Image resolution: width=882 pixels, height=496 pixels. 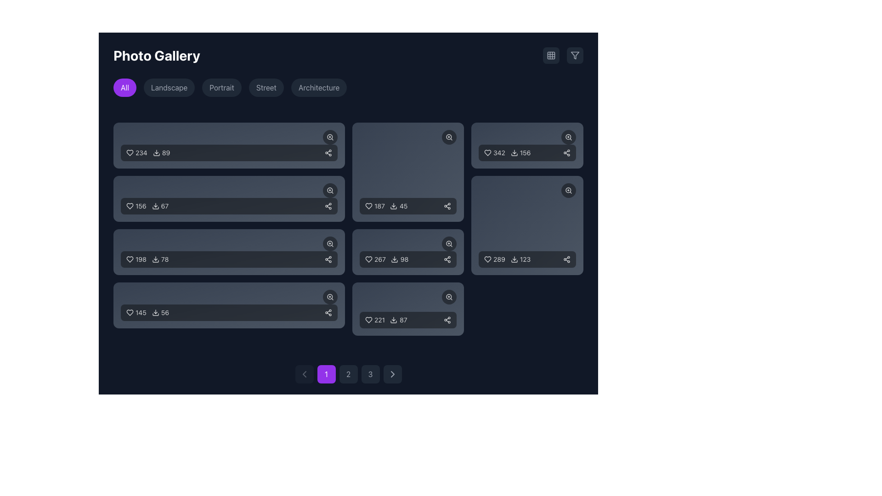 What do you see at coordinates (330, 190) in the screenshot?
I see `the icon button resembling a magnifying glass with a plus sign` at bounding box center [330, 190].